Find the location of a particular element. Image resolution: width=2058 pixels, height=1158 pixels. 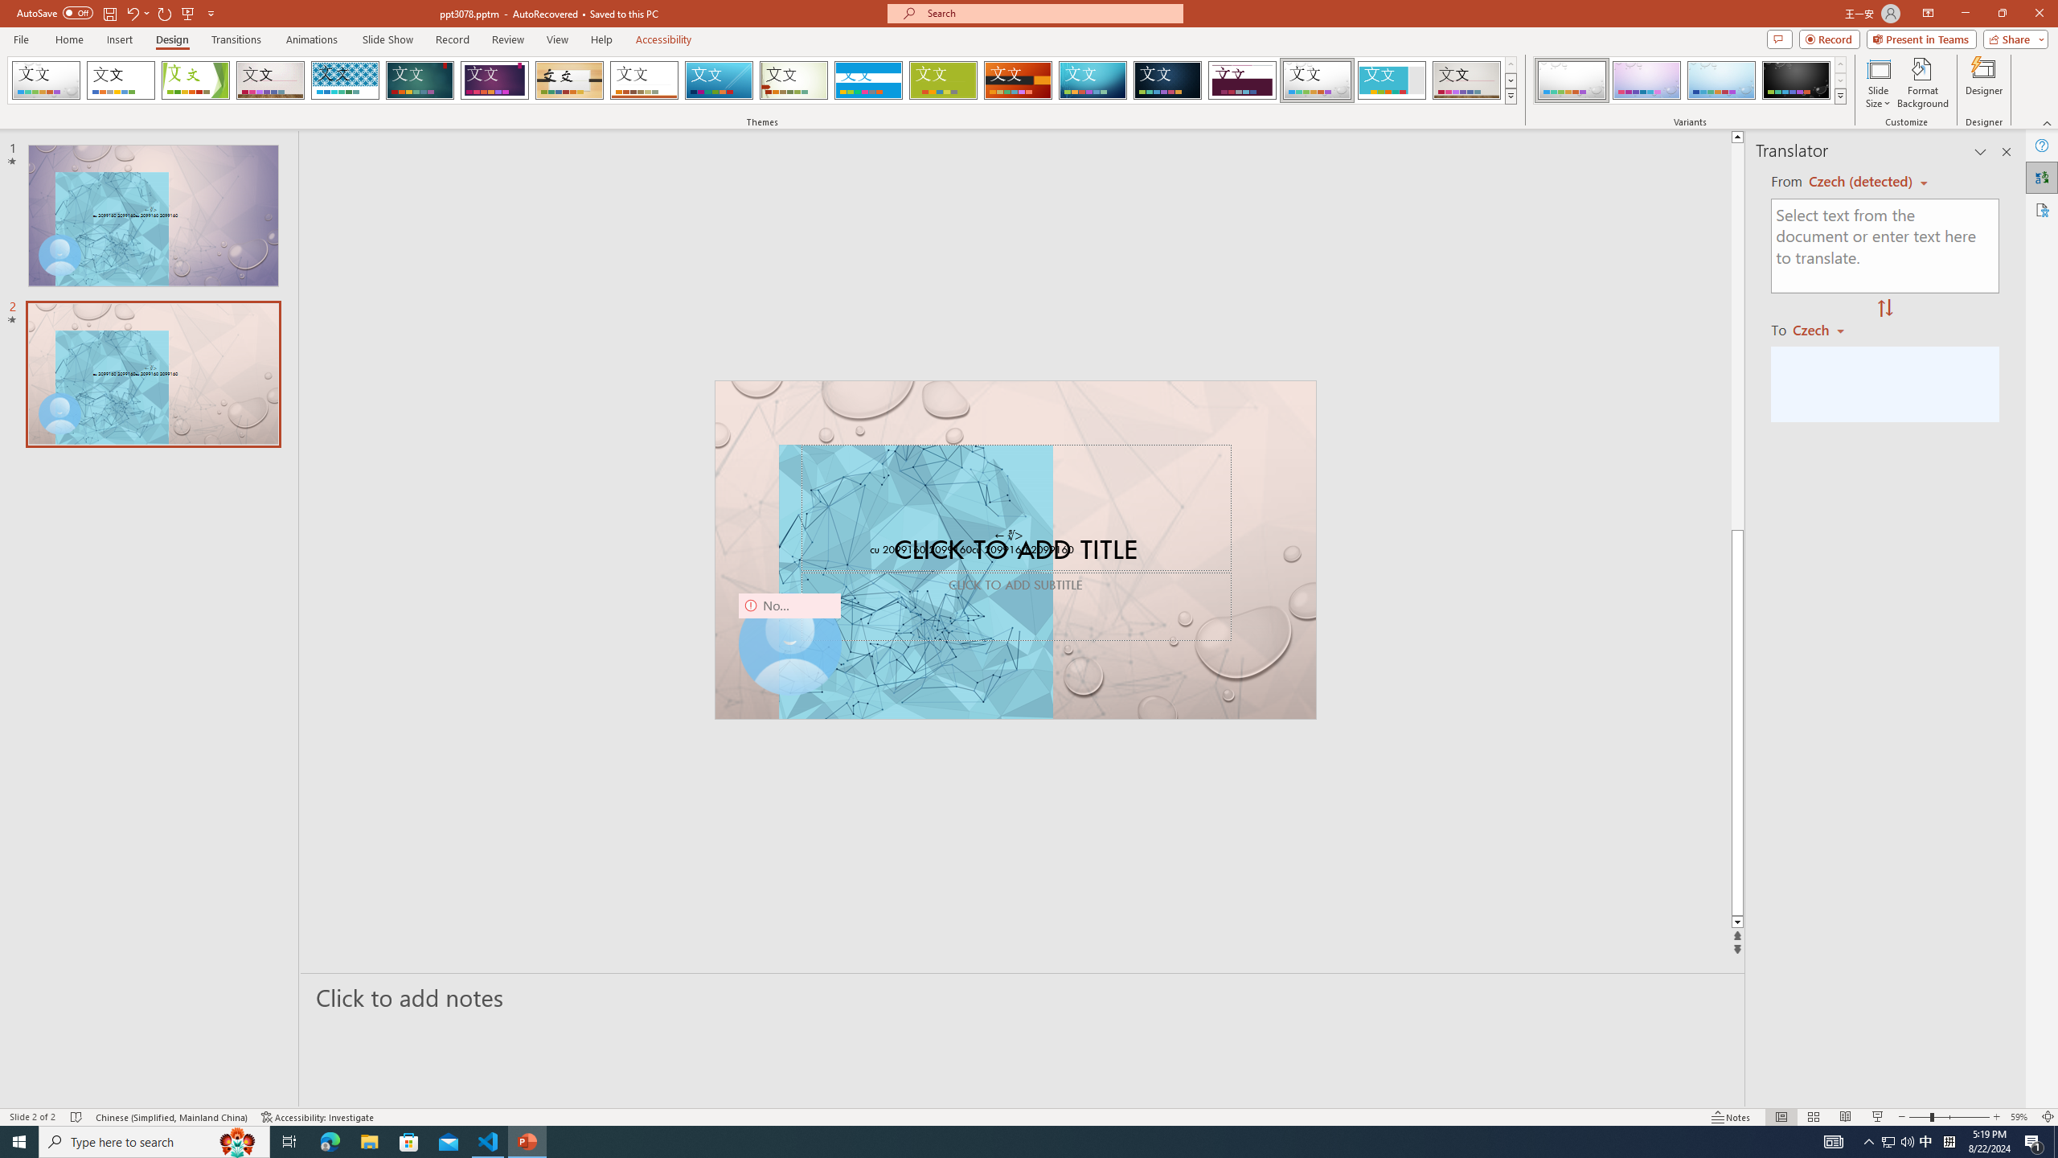

'Integral' is located at coordinates (345, 80).